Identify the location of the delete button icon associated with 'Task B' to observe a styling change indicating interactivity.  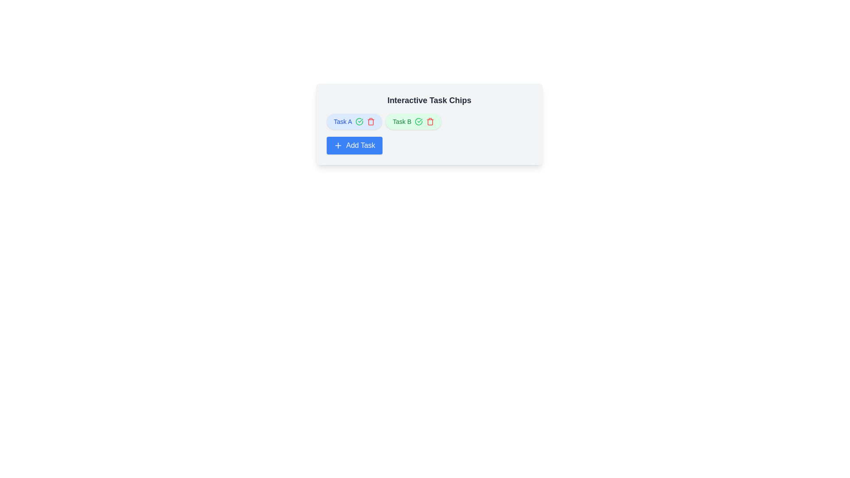
(430, 121).